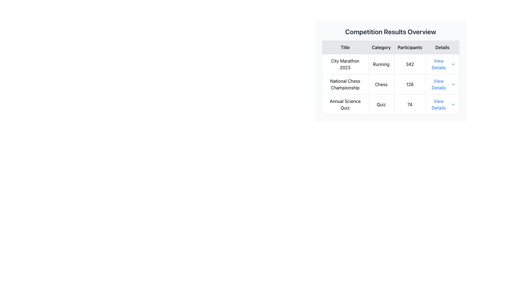 This screenshot has height=298, width=531. I want to click on the second row of the competition results table for the 'National Chess Championship', so click(390, 84).